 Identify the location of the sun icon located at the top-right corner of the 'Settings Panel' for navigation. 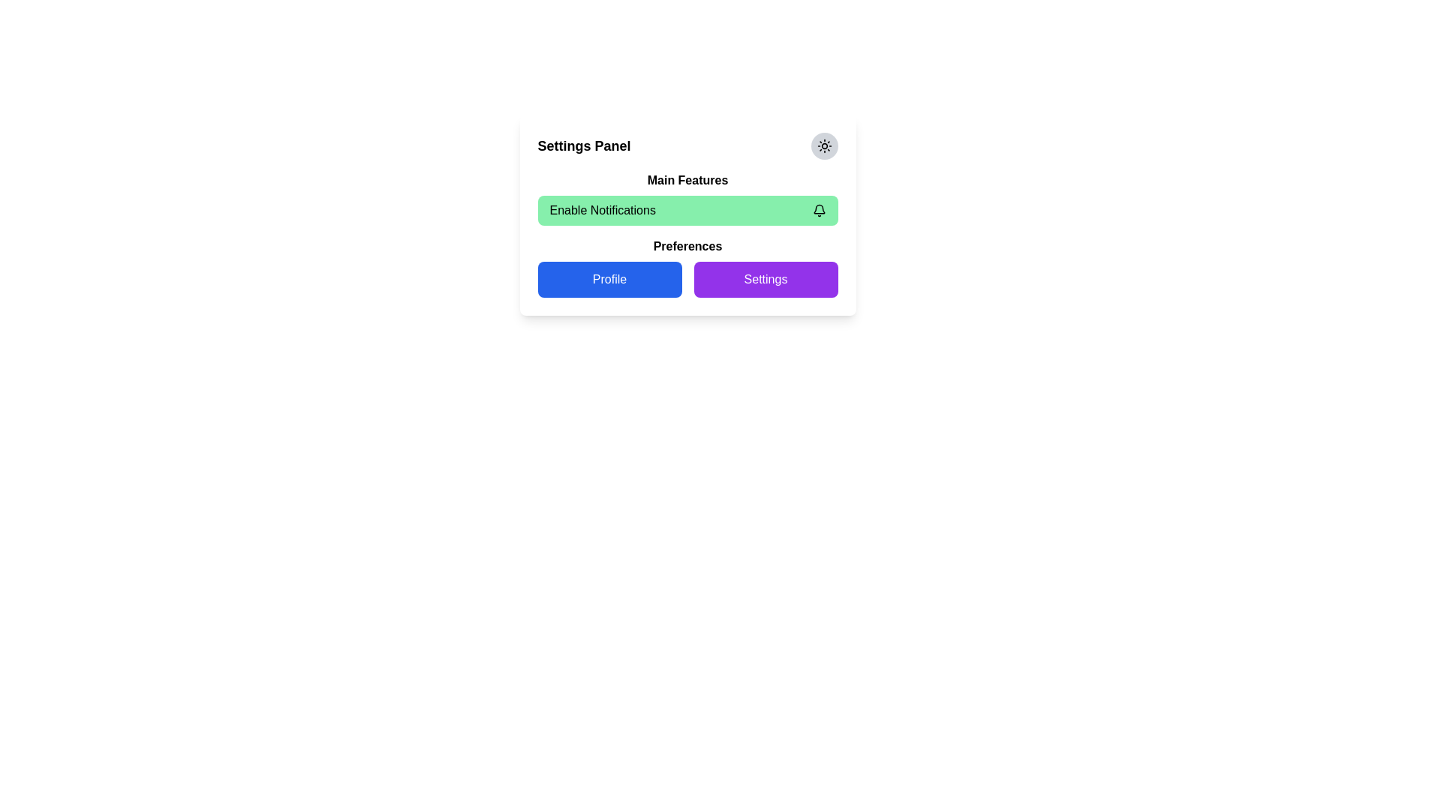
(823, 146).